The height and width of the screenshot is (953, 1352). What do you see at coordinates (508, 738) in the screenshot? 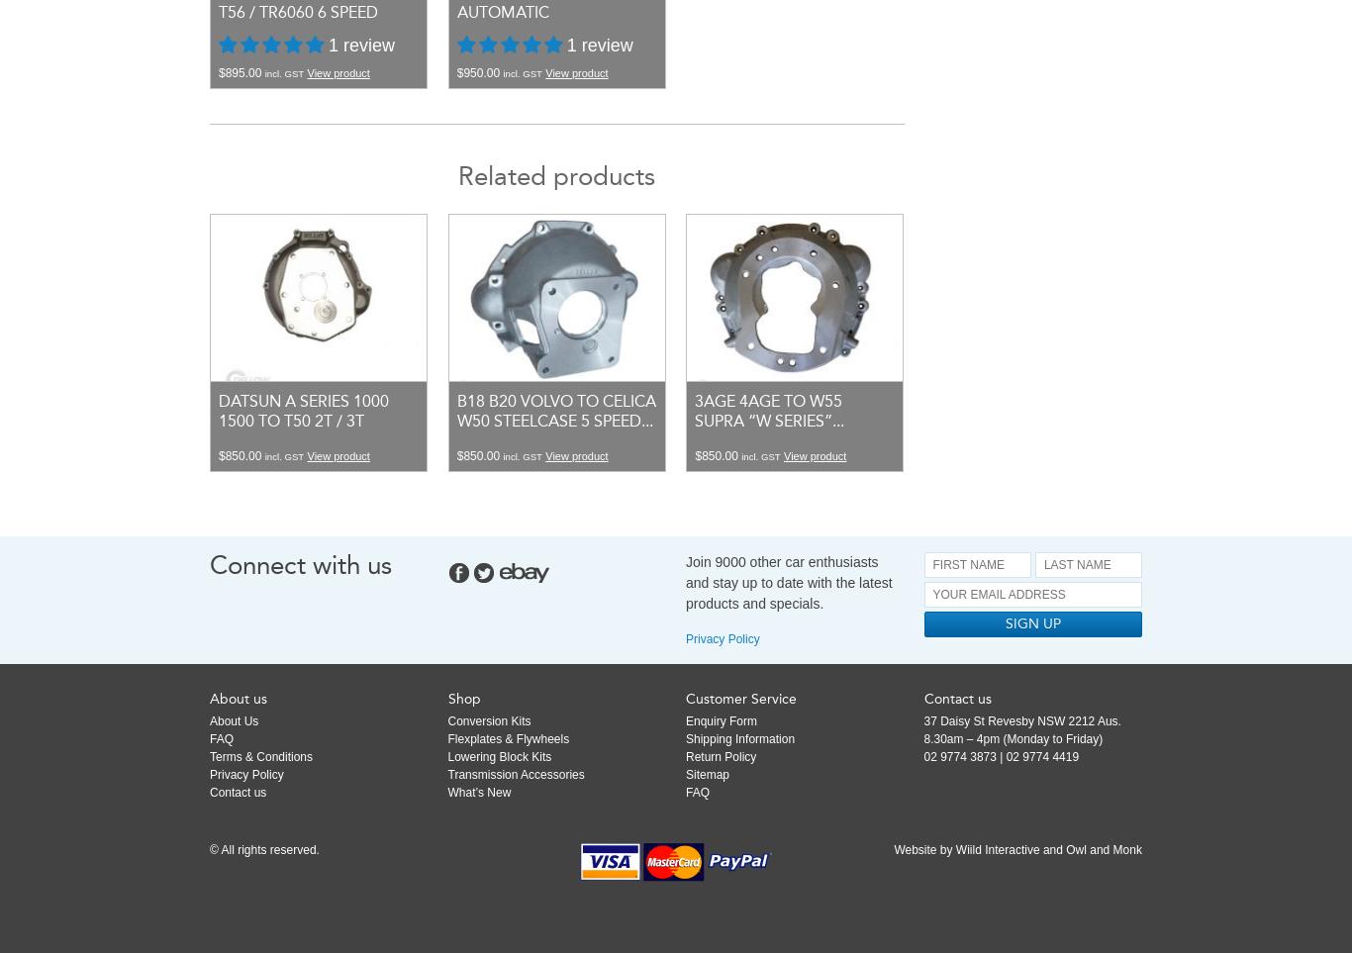
I see `'Flexplates & Flywheels'` at bounding box center [508, 738].